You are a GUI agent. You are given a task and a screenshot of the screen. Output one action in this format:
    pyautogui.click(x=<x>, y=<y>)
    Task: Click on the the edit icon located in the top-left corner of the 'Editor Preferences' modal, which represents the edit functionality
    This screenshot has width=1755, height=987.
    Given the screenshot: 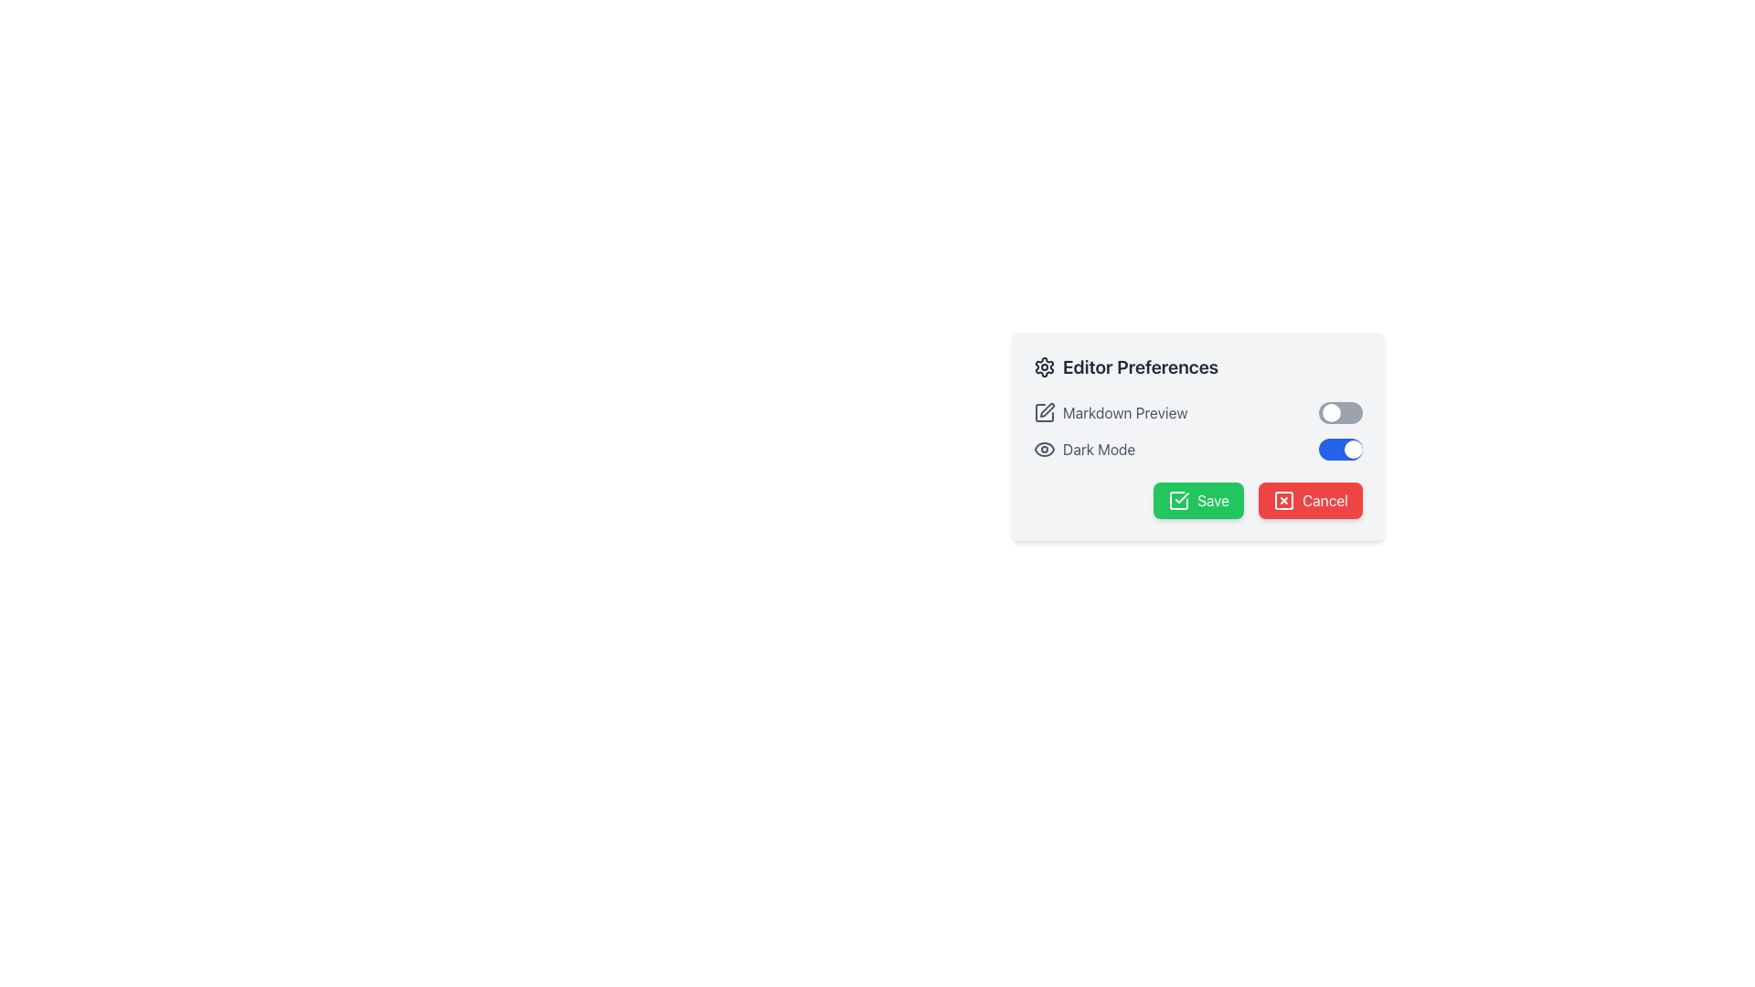 What is the action you would take?
    pyautogui.click(x=1048, y=409)
    